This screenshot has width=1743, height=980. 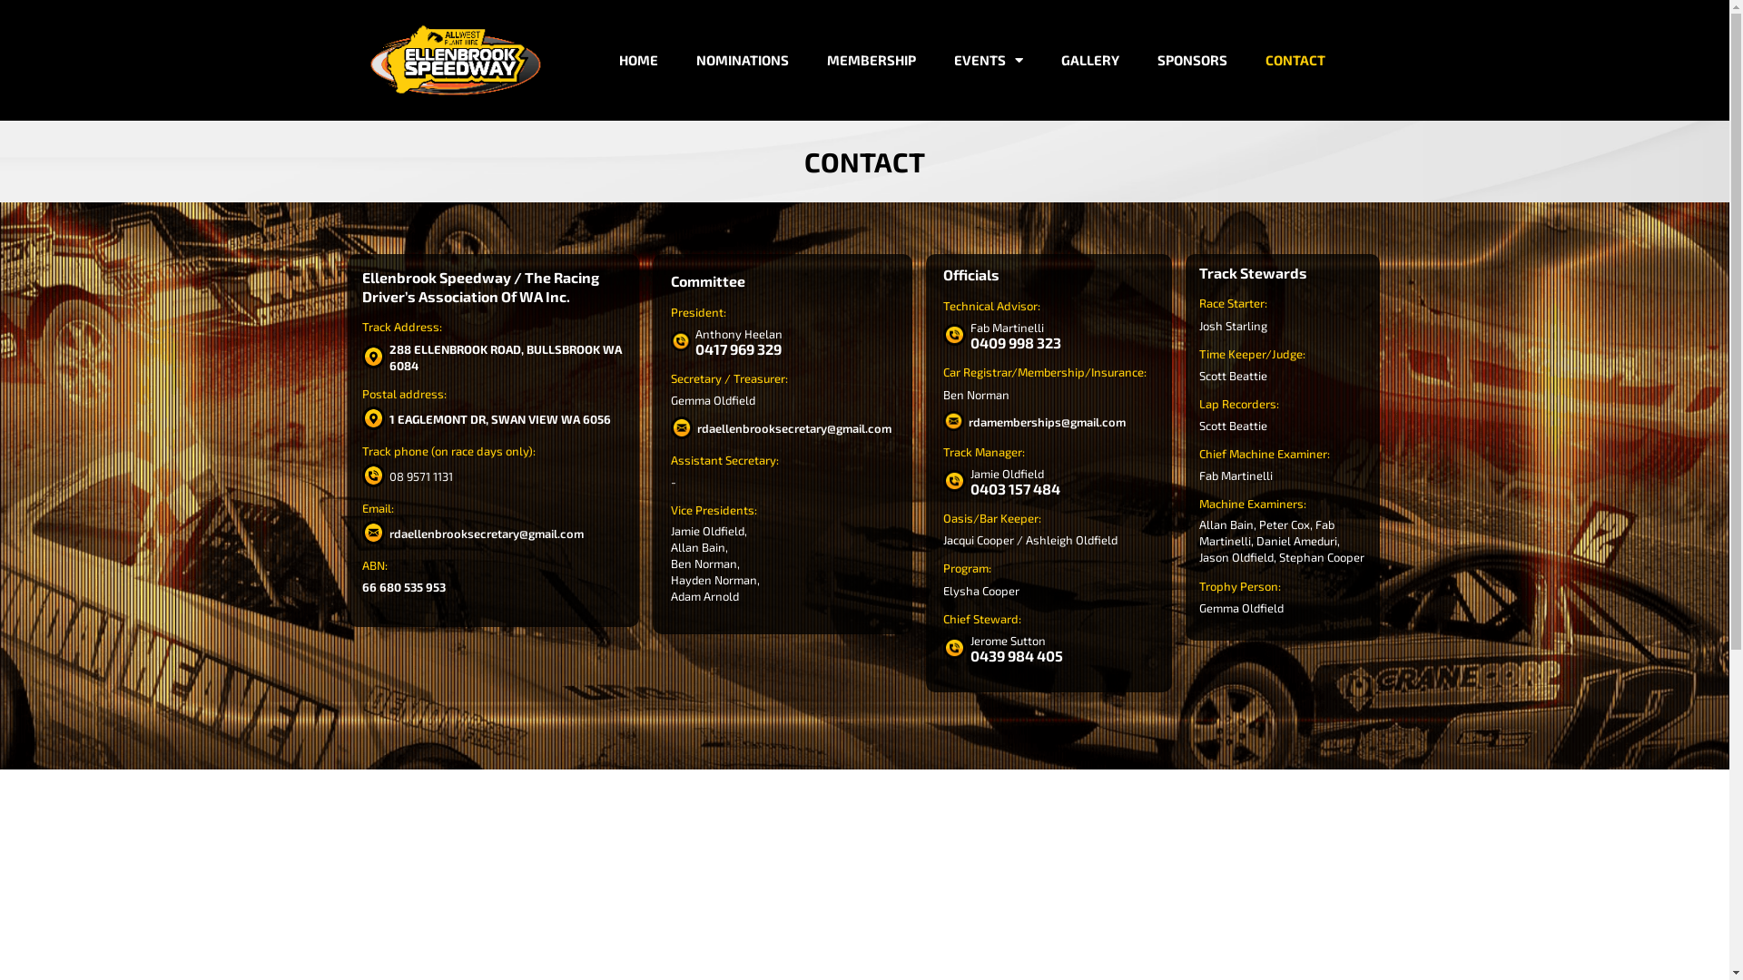 I want to click on 'NOMINATIONS', so click(x=742, y=59).